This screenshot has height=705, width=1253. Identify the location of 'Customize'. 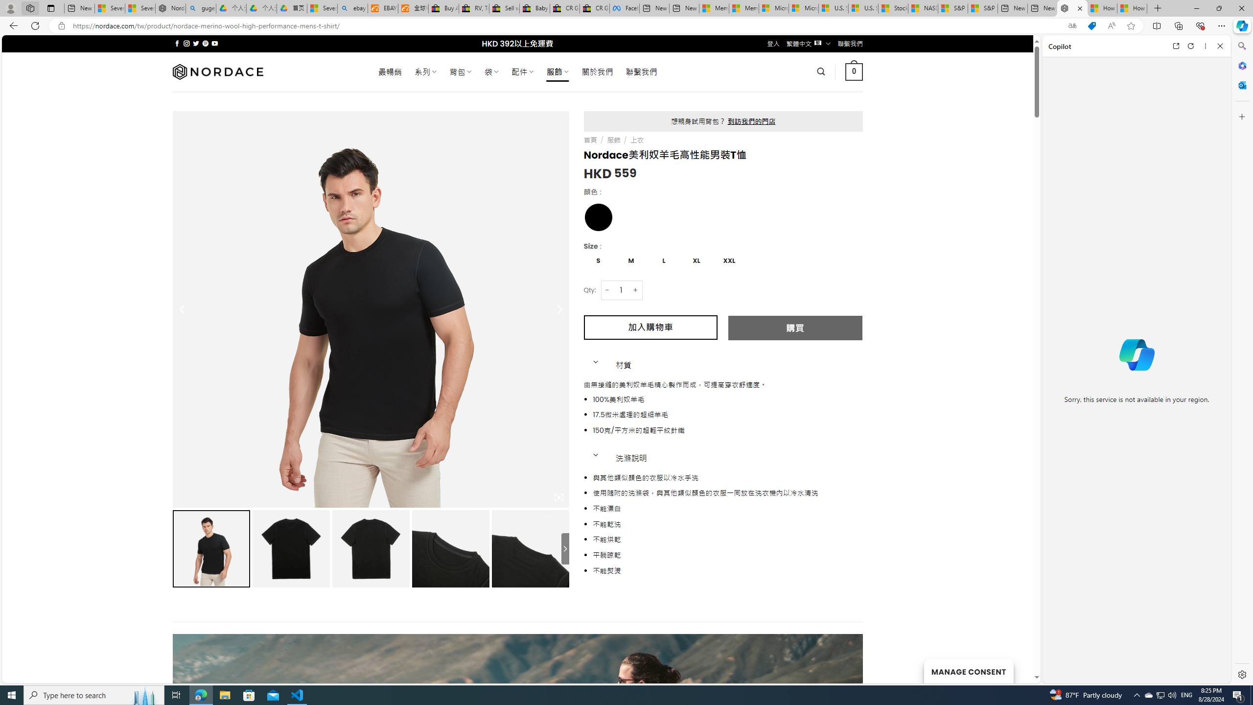
(1241, 116).